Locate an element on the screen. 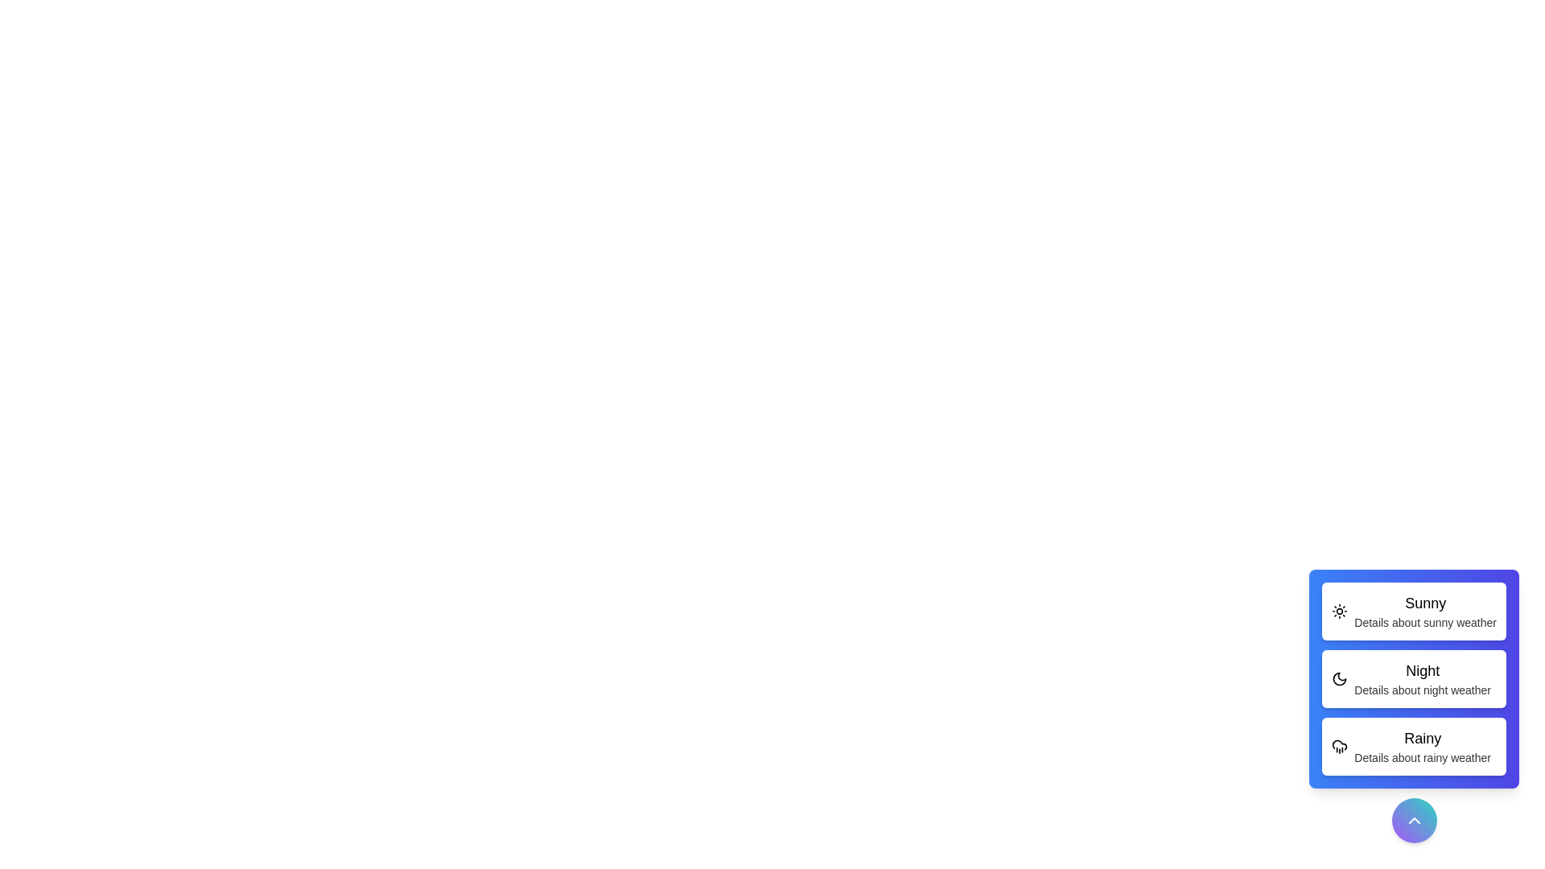  the weather option Night is located at coordinates (1413, 679).